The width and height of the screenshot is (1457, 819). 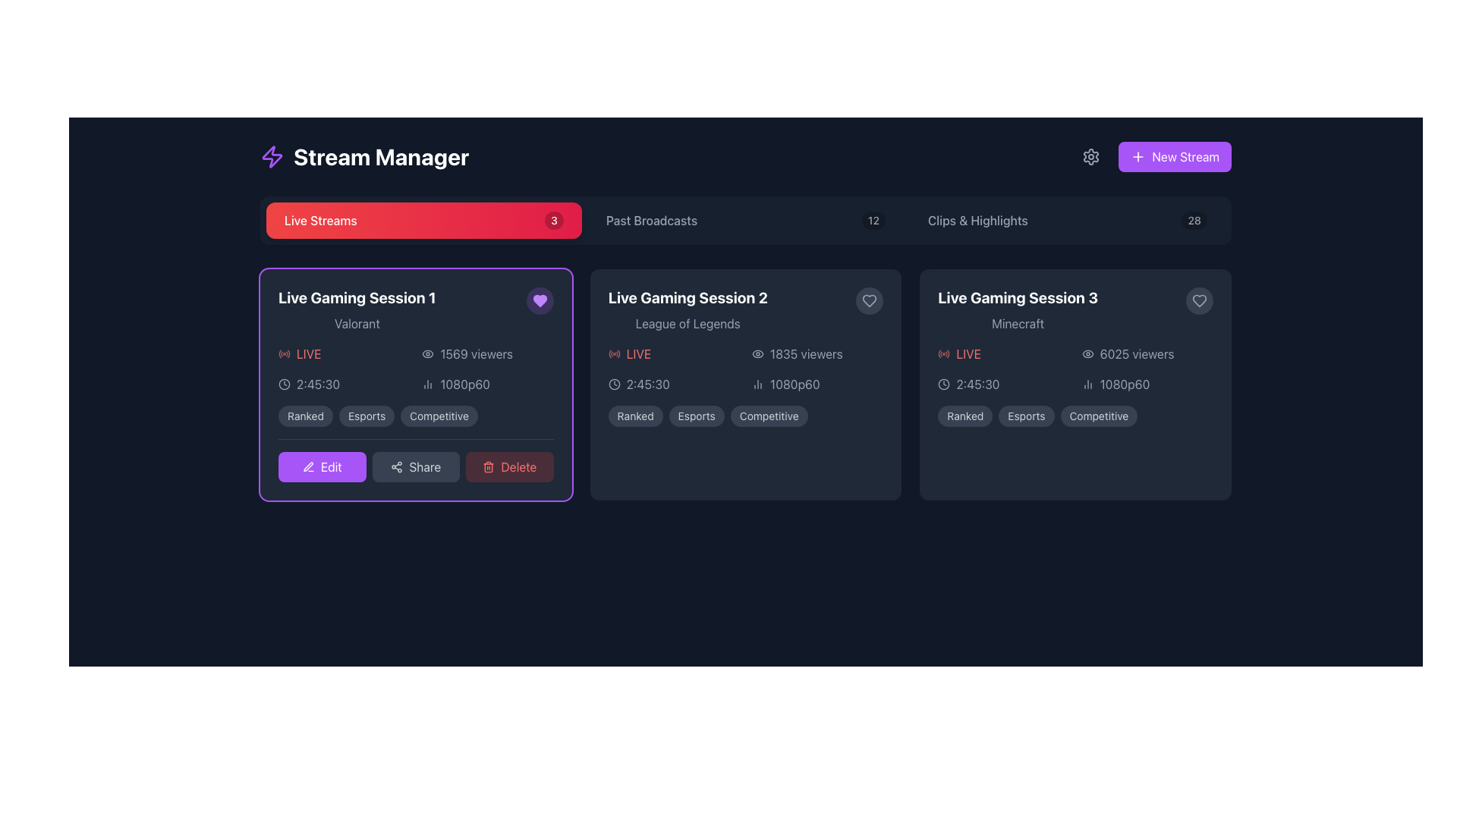 I want to click on the 'Share' button, which is centrally located among three buttons in the 'Live Gaming Session 1' card, to observe interaction effects such as color change, so click(x=416, y=460).